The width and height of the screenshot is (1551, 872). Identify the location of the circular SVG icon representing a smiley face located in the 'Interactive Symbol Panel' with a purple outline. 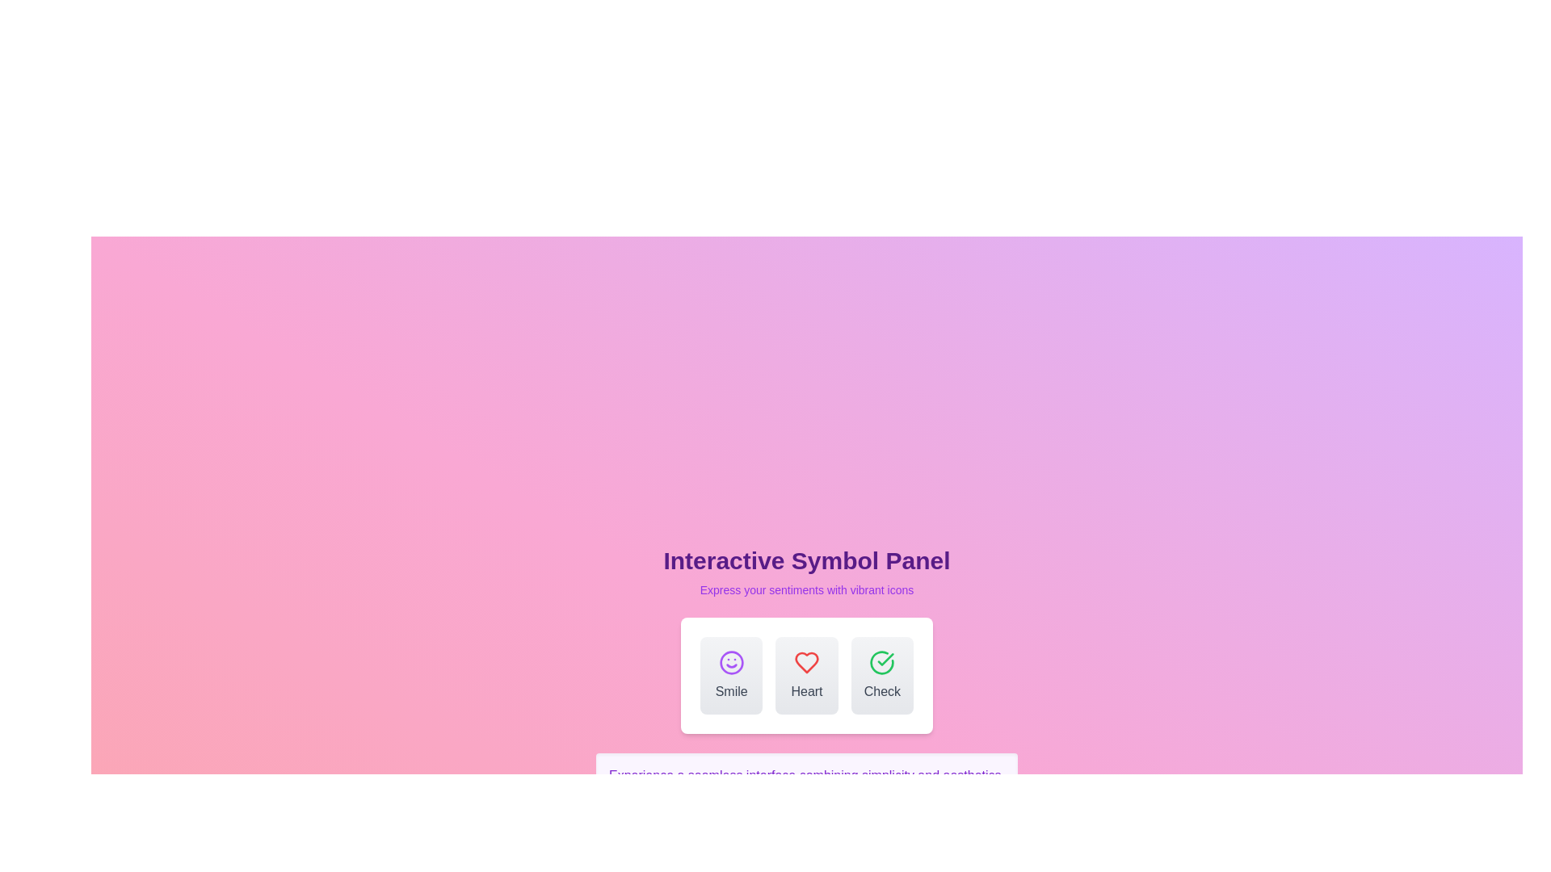
(730, 663).